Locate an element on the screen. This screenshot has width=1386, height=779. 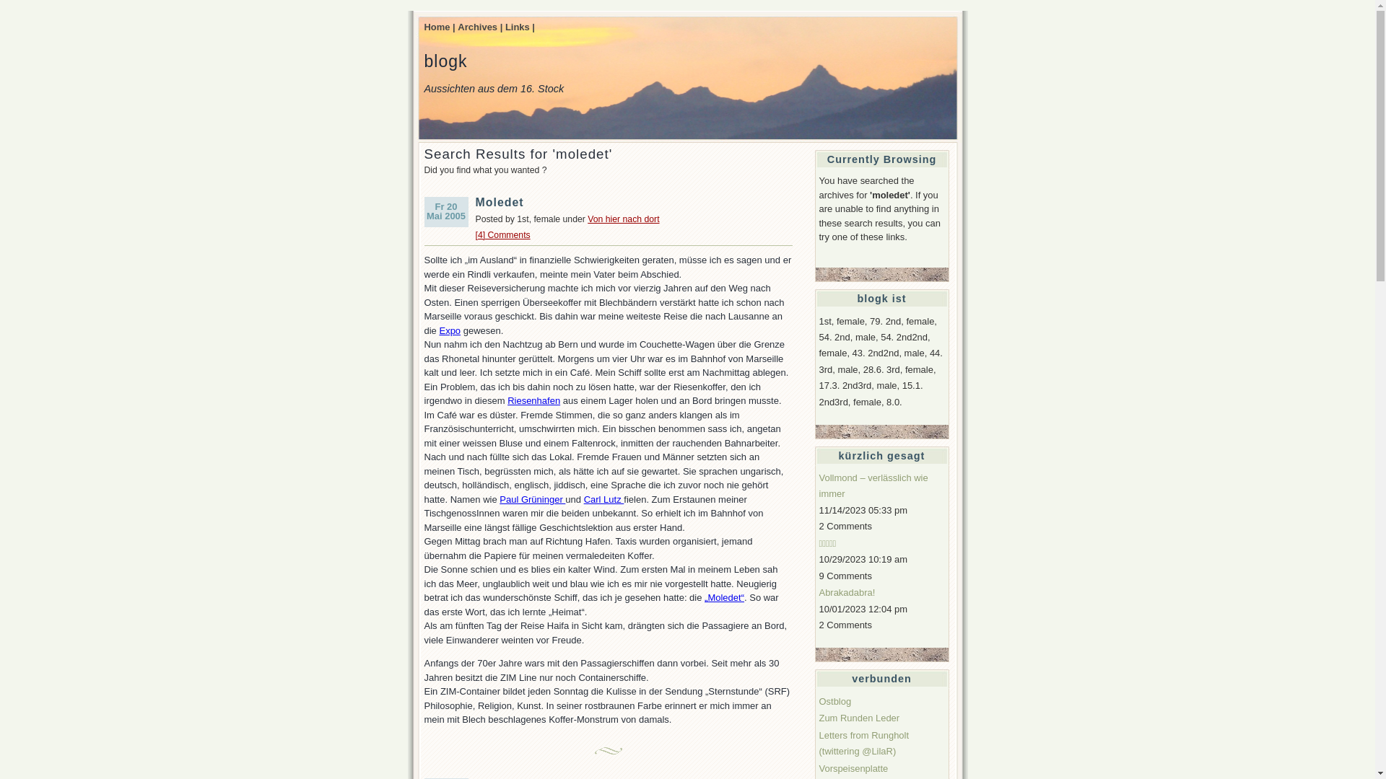
'[4] Comments' is located at coordinates (502, 234).